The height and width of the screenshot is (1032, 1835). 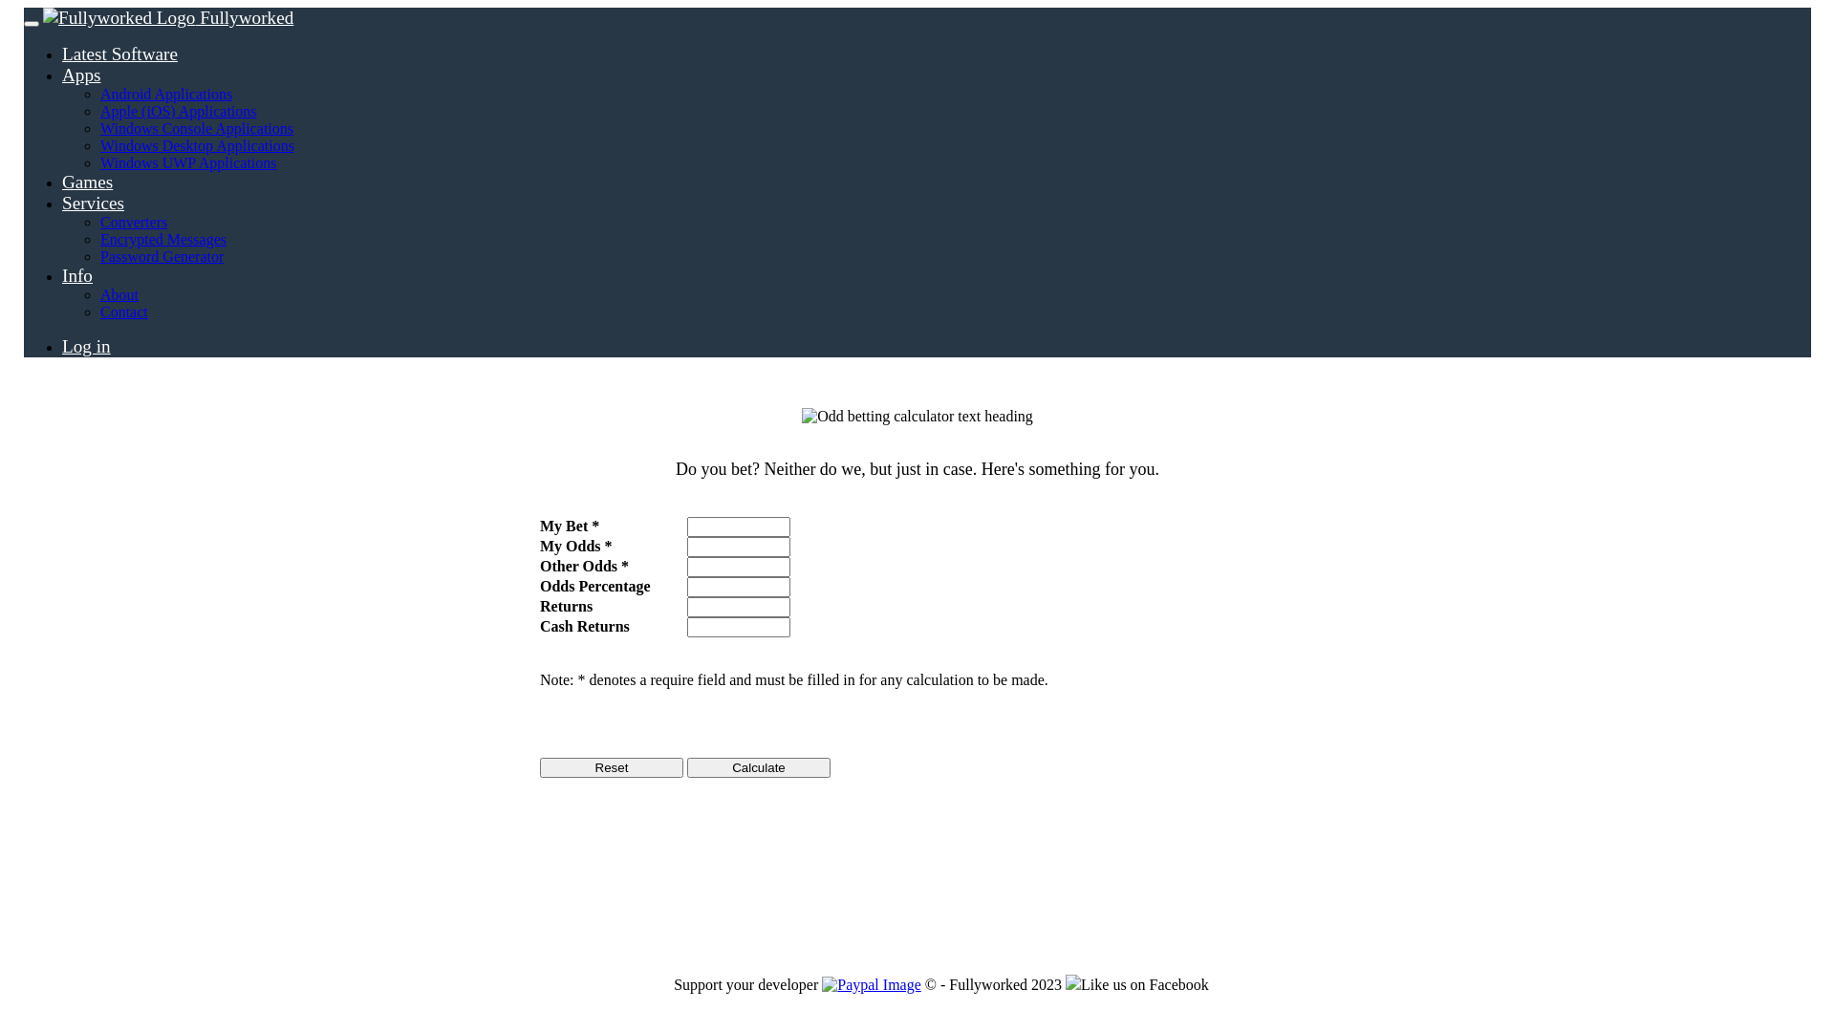 I want to click on 'Converters', so click(x=132, y=221).